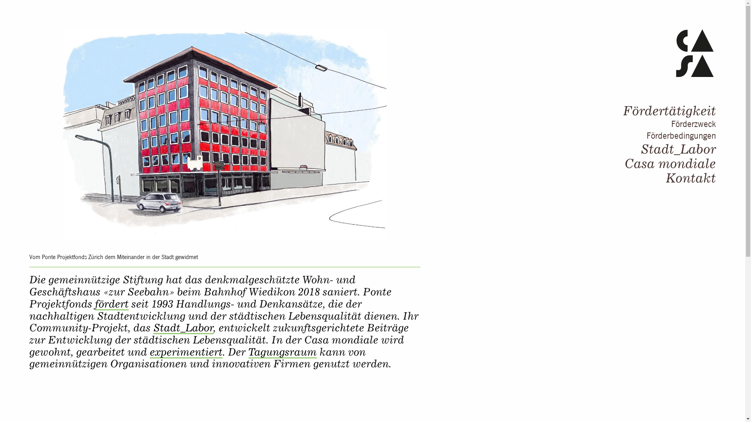 The image size is (751, 422). What do you see at coordinates (640, 149) in the screenshot?
I see `'Stadt_Labor'` at bounding box center [640, 149].